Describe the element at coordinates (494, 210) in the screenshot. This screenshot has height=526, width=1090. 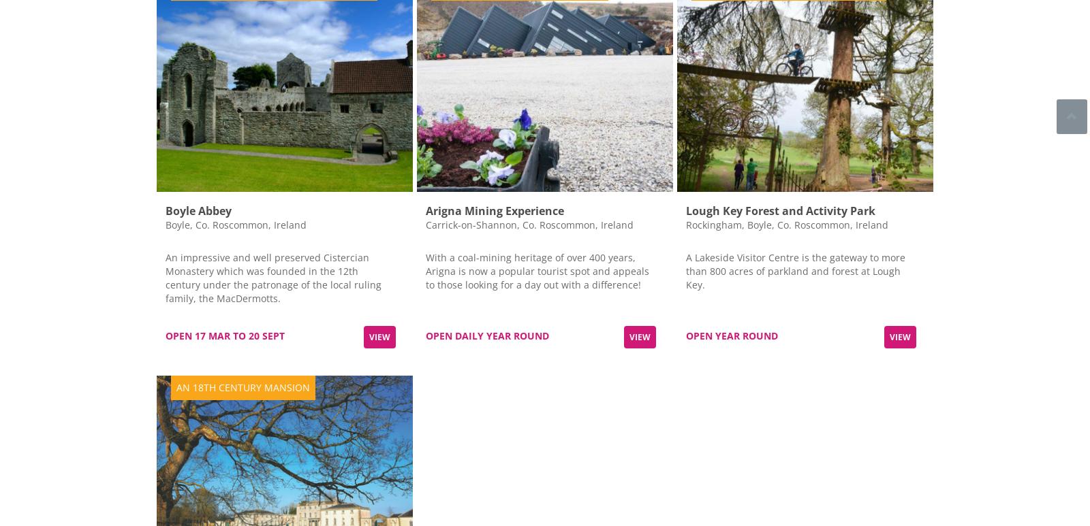
I see `'Arigna Mining Experience'` at that location.